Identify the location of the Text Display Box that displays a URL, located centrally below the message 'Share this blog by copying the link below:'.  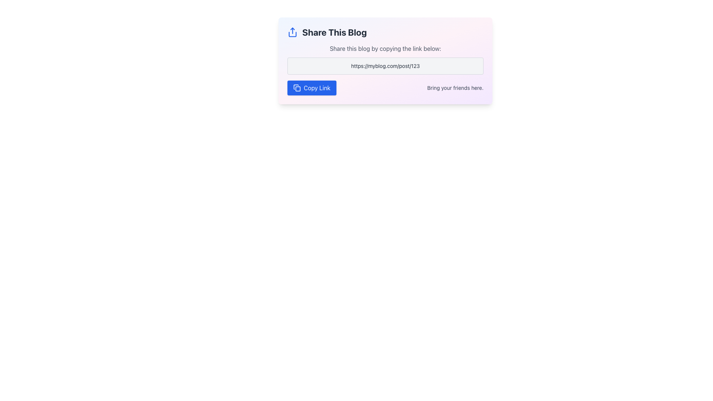
(385, 65).